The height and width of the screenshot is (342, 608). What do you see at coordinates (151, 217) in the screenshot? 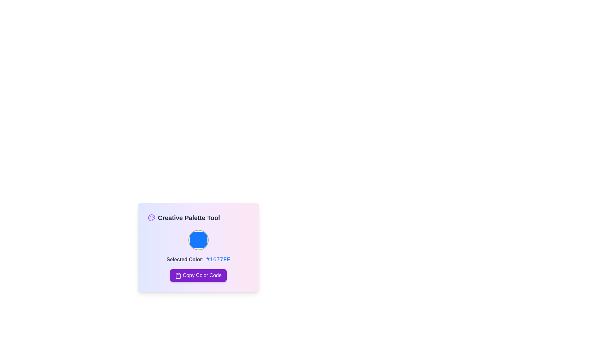
I see `the palette icon with a purple outline that is centrally aligned with the text 'Creative Palette Tool' in the upper left portion of its card` at bounding box center [151, 217].